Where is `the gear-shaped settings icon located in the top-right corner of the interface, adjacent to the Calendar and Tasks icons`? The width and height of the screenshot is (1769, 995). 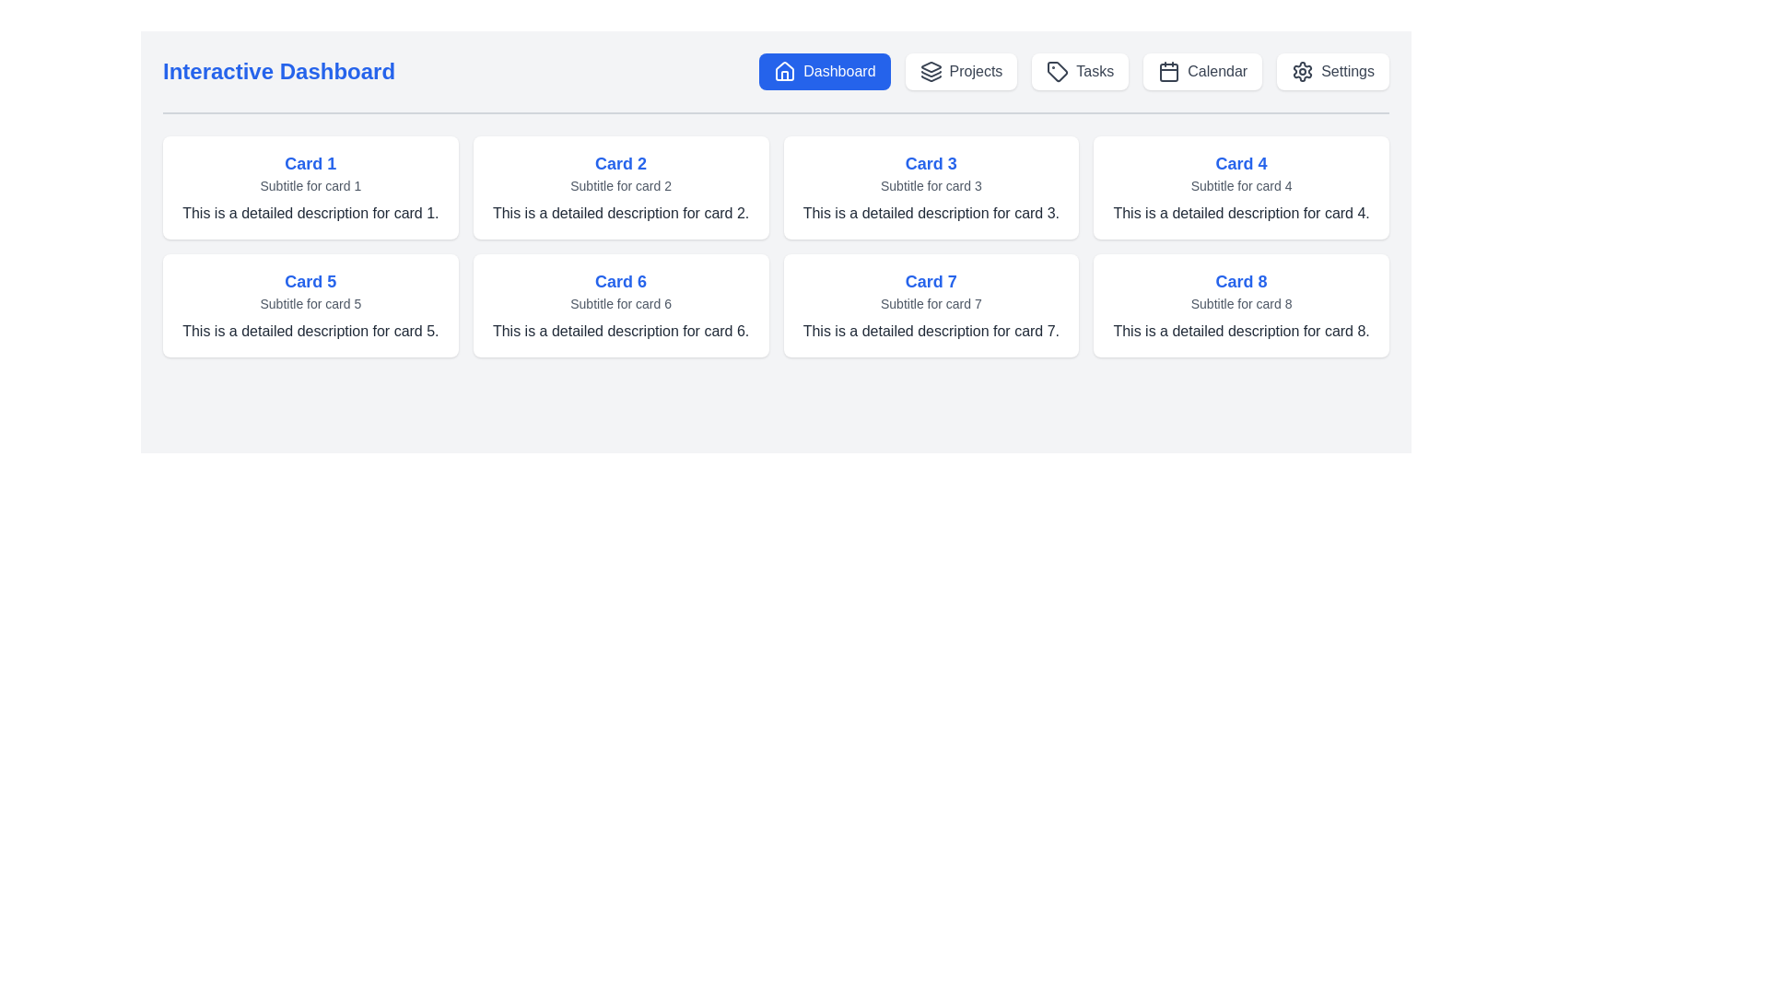
the gear-shaped settings icon located in the top-right corner of the interface, adjacent to the Calendar and Tasks icons is located at coordinates (1302, 70).